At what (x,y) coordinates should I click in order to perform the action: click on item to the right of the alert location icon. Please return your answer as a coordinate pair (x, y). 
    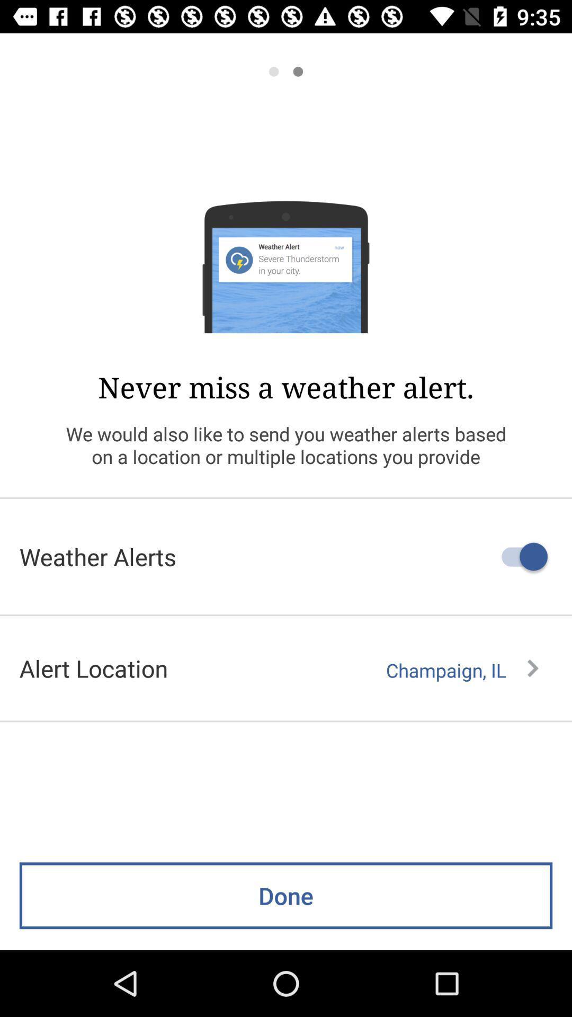
    Looking at the image, I should click on (461, 670).